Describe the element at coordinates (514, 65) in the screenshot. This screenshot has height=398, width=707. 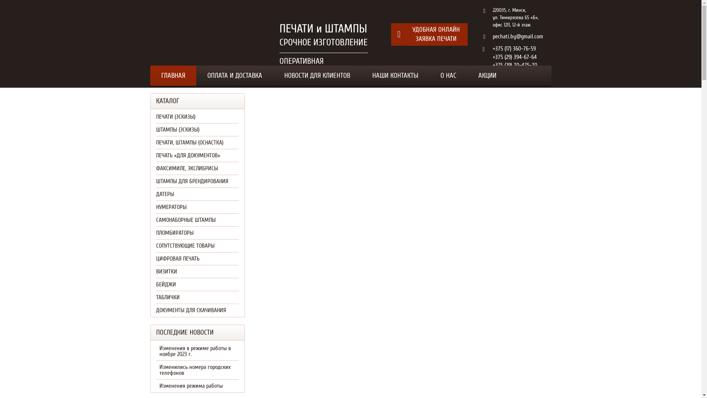
I see `'+375 (29) 70-475-70'` at that location.